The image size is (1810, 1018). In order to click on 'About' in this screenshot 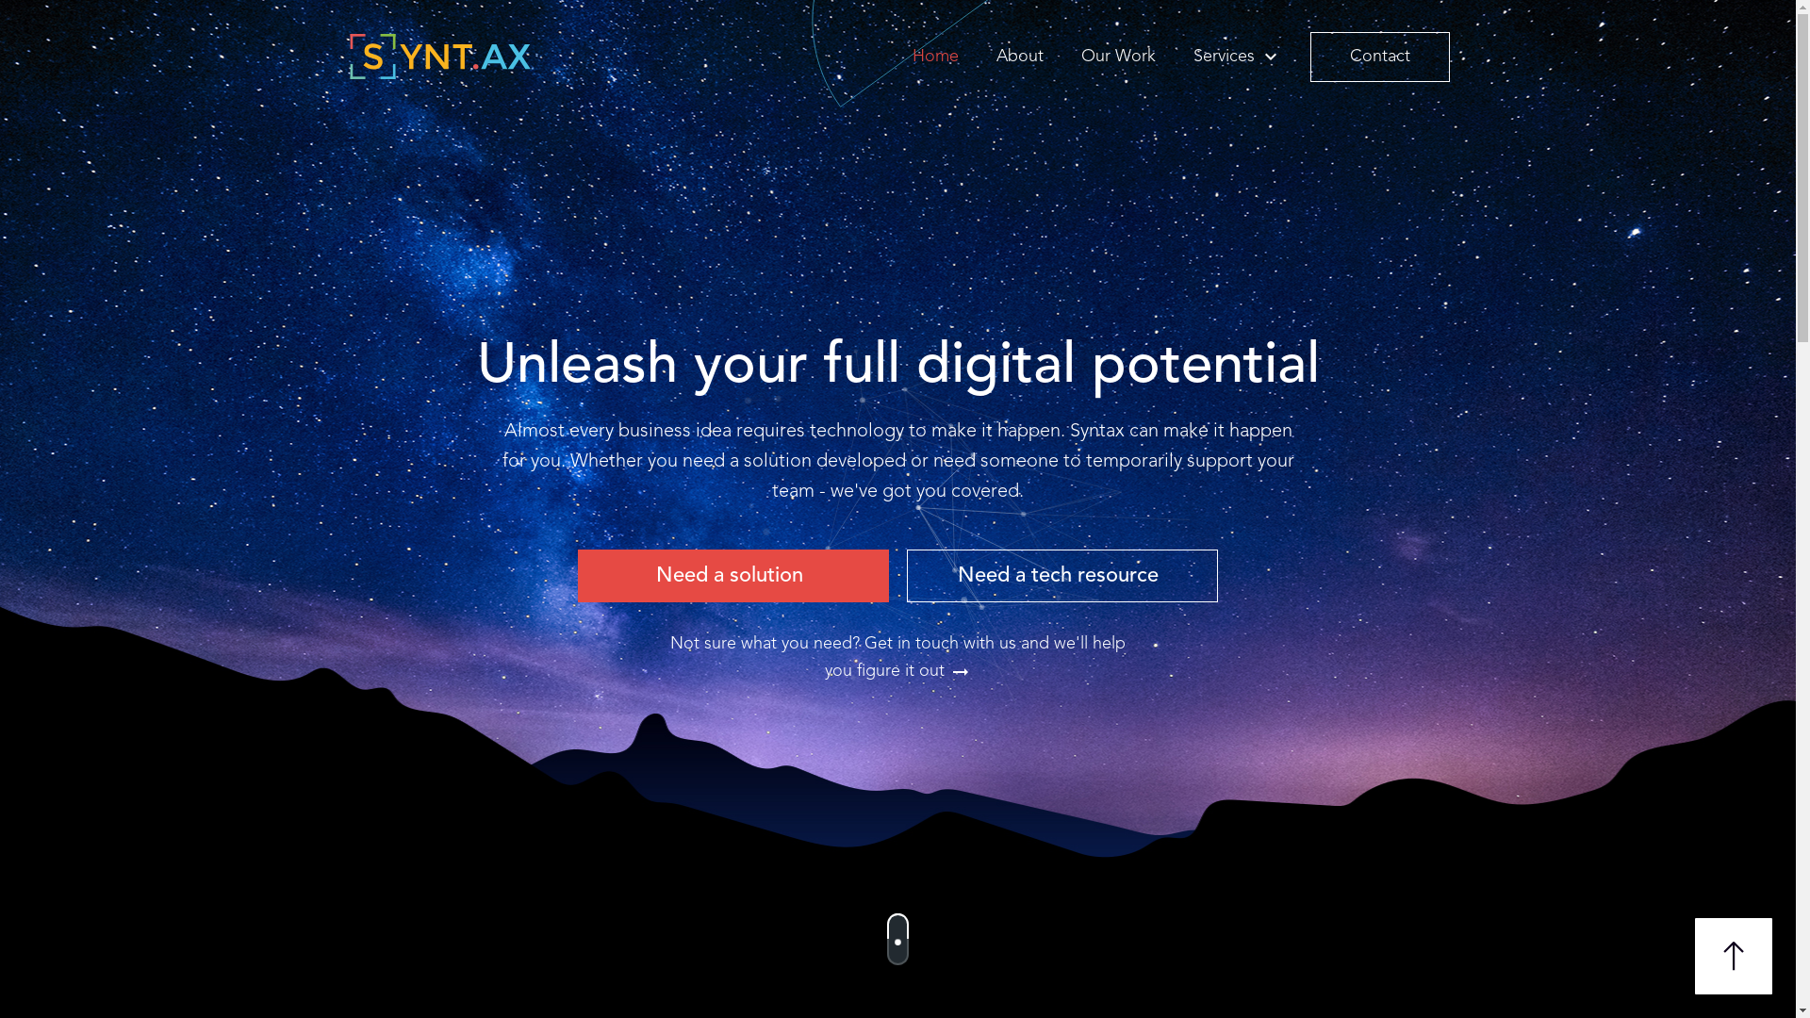, I will do `click(990, 55)`.